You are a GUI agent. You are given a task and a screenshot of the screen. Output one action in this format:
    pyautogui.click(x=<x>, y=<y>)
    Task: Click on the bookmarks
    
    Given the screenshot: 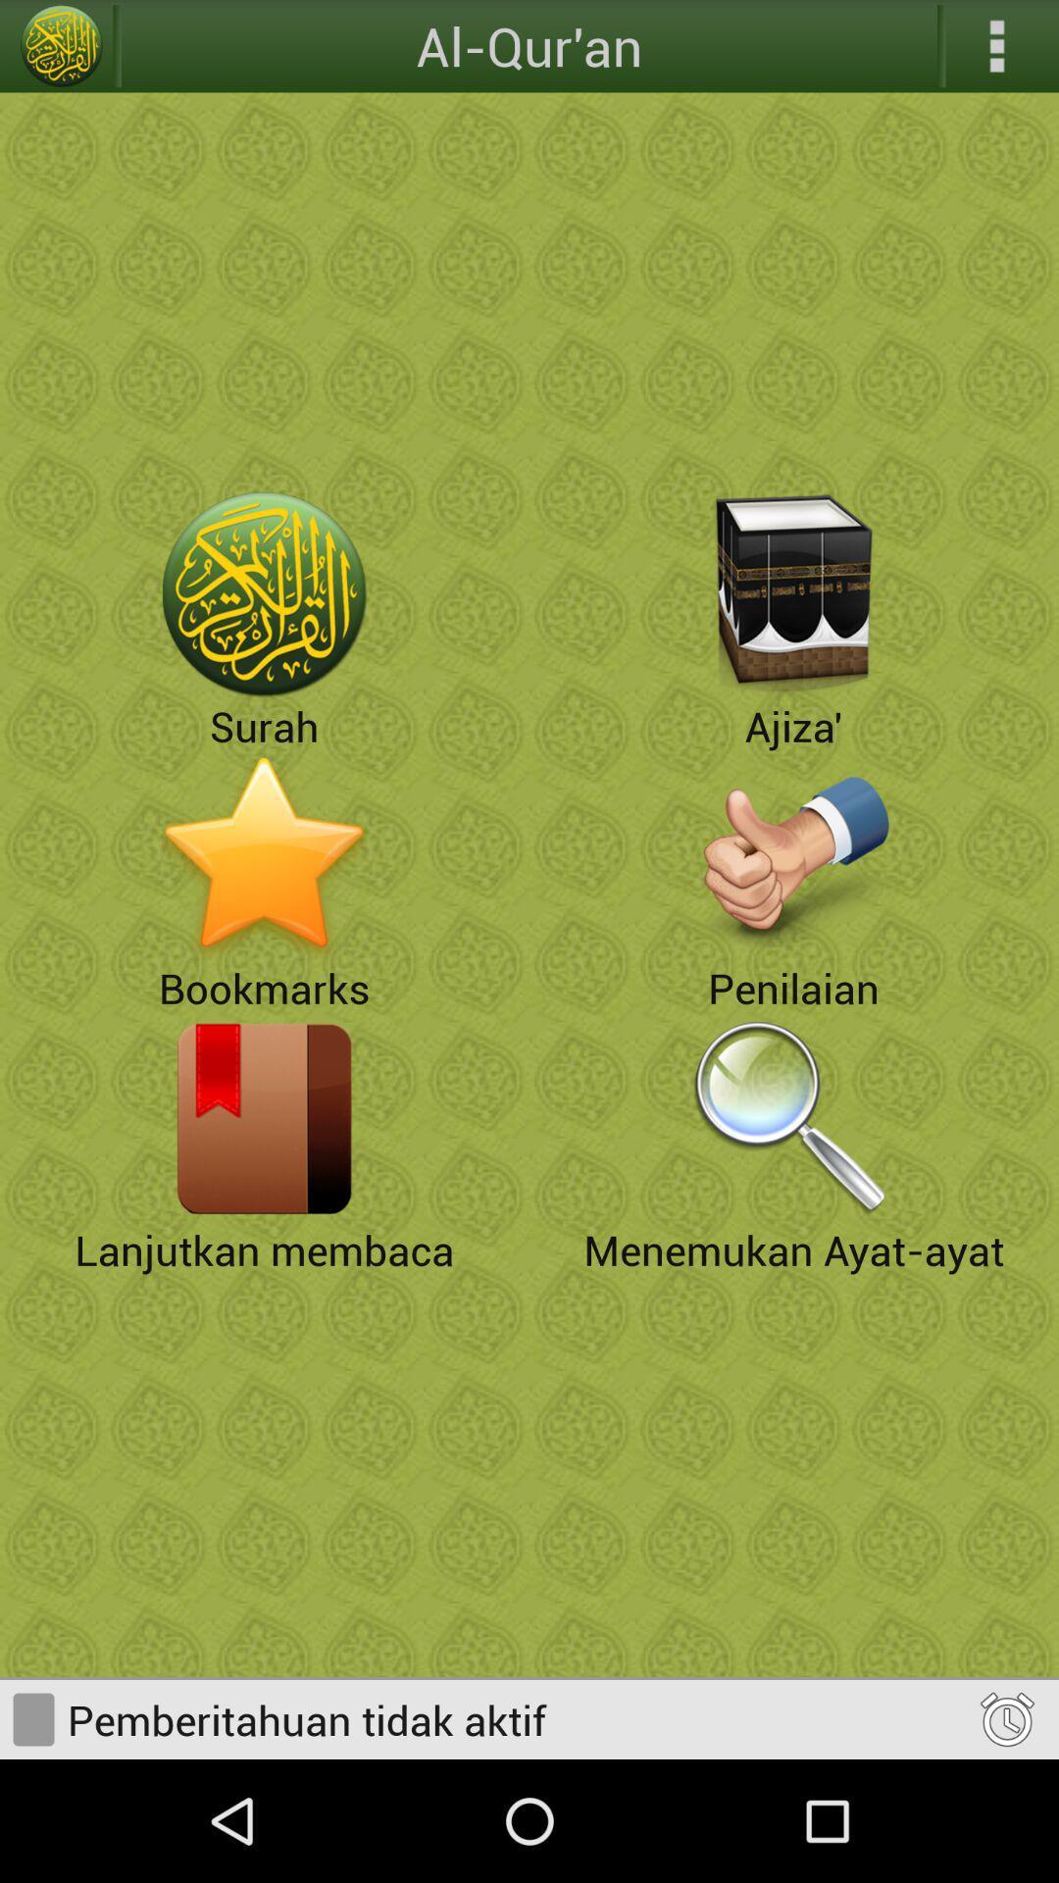 What is the action you would take?
    pyautogui.click(x=265, y=856)
    